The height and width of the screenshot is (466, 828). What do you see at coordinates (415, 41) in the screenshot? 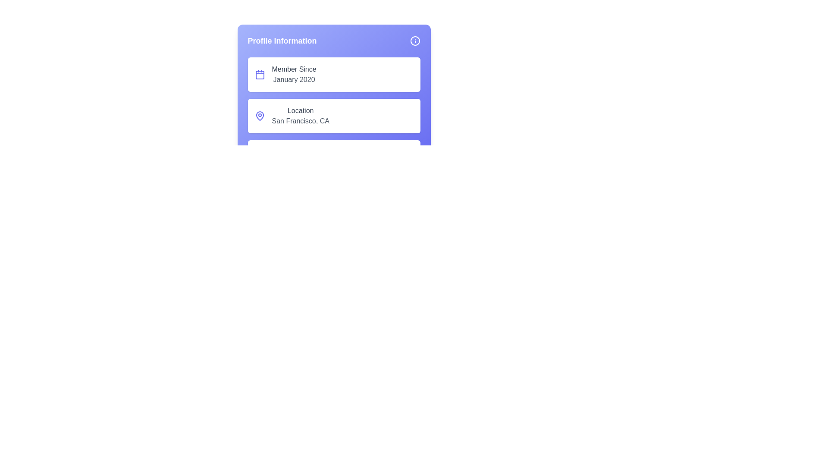
I see `the circular SVG graphic element that forms the outer border of the information icon located in the top-right portion of the profile information card` at bounding box center [415, 41].